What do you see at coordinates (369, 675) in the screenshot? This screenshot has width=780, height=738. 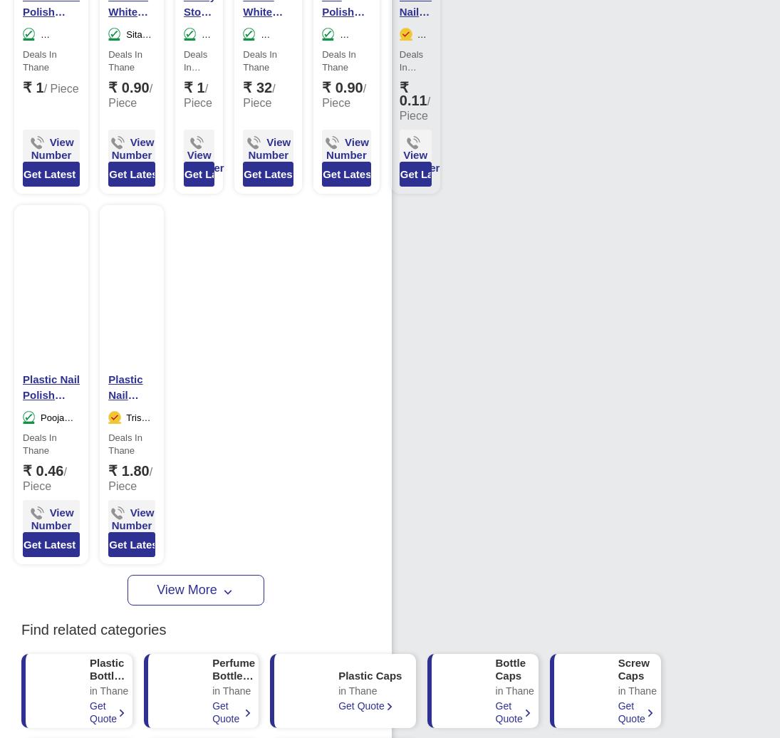 I see `'Plastic Caps'` at bounding box center [369, 675].